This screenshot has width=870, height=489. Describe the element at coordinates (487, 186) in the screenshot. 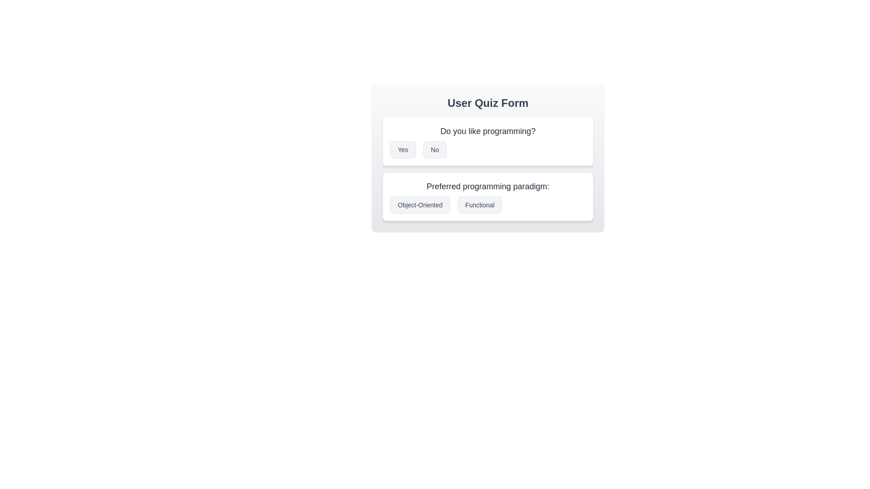

I see `the text header labeled 'Preferred programming paradigm:' which is styled in a large bold font and located above the buttons for selecting programming paradigms` at that location.